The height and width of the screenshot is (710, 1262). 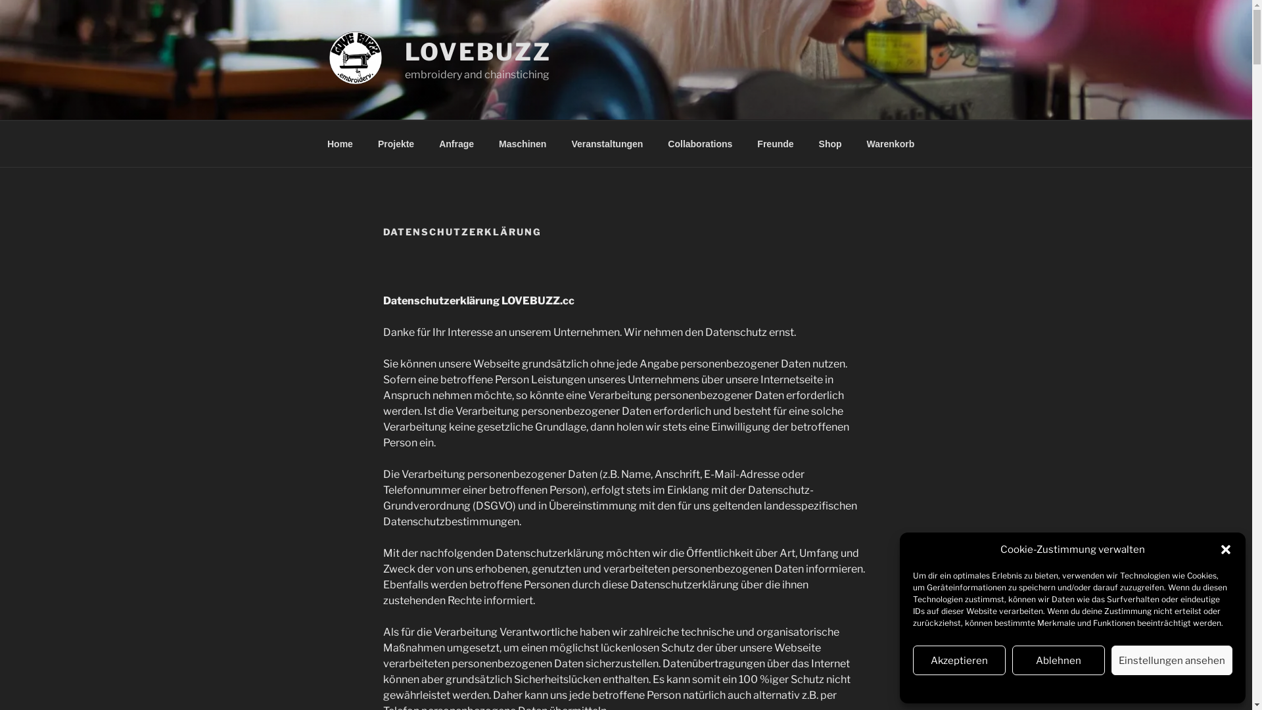 I want to click on 'Maschinen', so click(x=522, y=143).